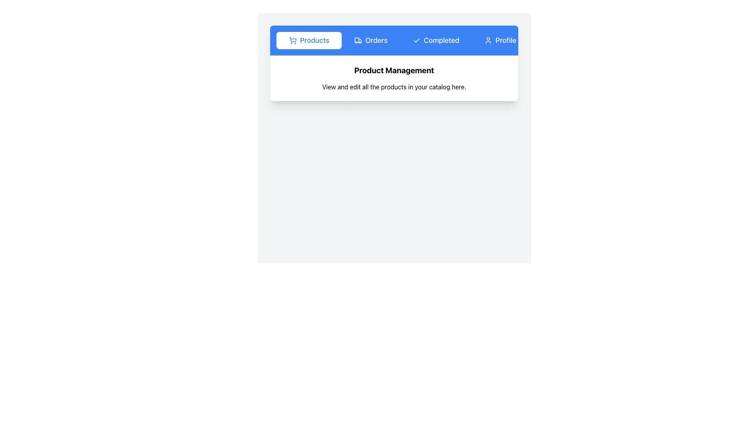  Describe the element at coordinates (435, 41) in the screenshot. I see `the filter button for completed items, which is the third button from the left, located between the 'Orders' and 'Profile' buttons` at that location.